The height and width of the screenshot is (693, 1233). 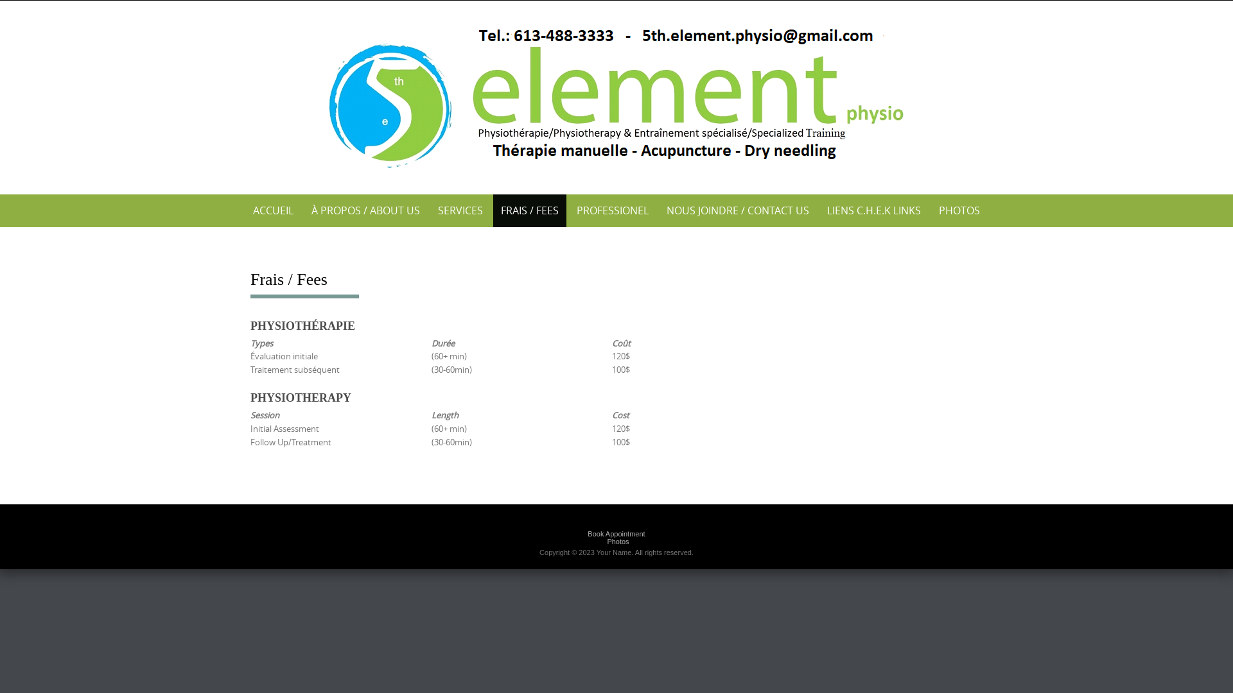 I want to click on ' ', so click(x=616, y=94).